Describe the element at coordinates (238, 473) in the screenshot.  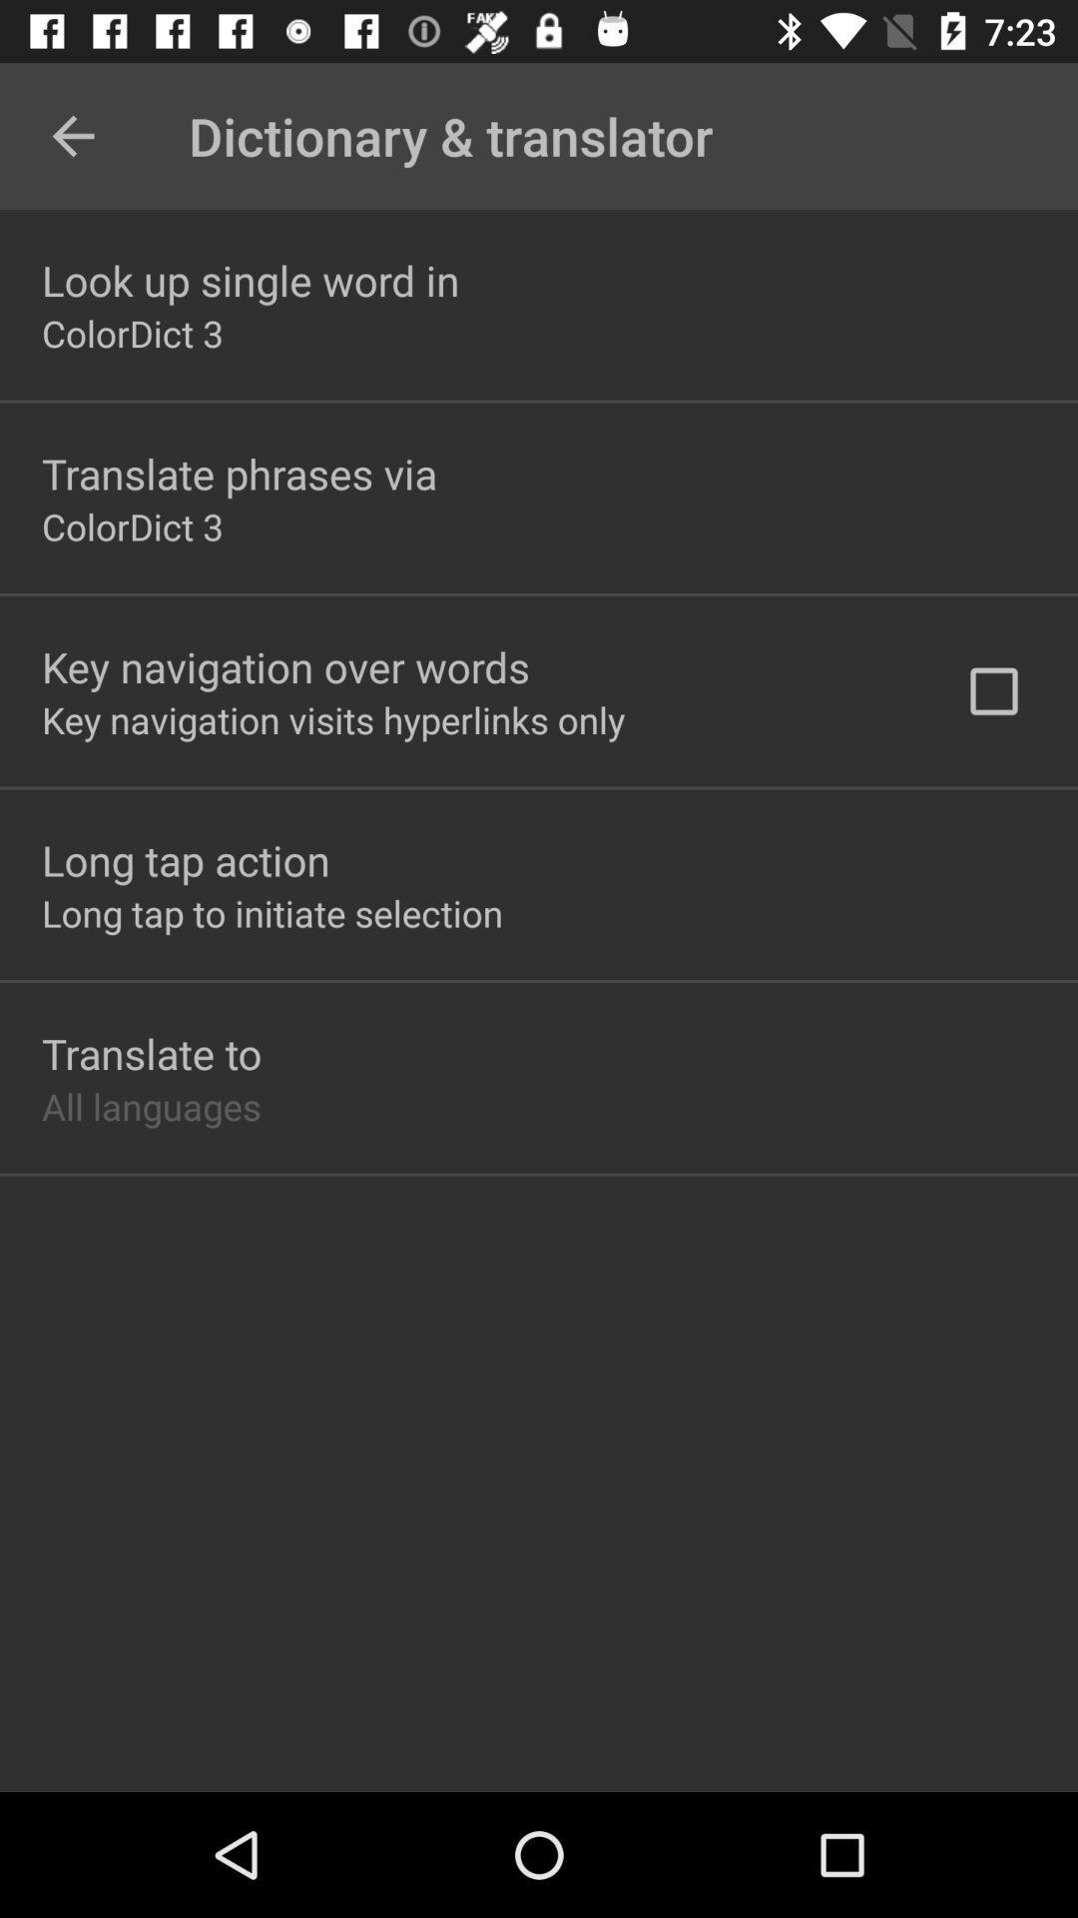
I see `translate phrases via` at that location.